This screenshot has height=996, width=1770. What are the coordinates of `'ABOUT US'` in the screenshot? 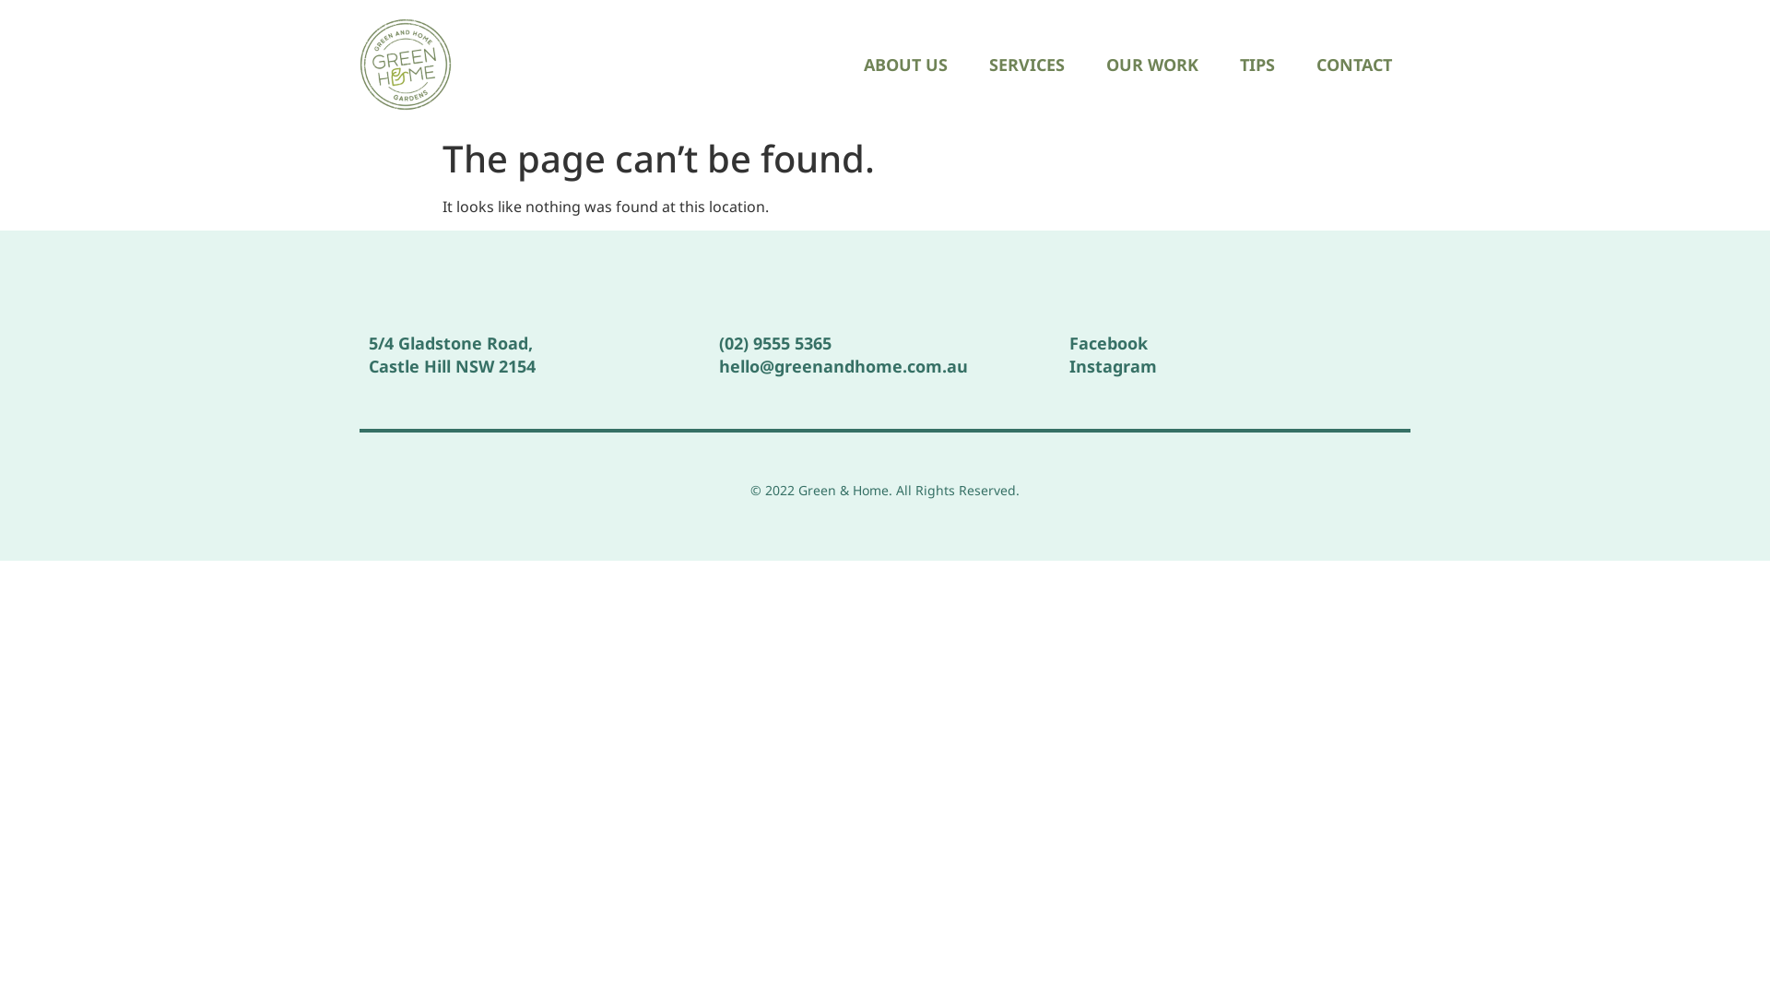 It's located at (905, 64).